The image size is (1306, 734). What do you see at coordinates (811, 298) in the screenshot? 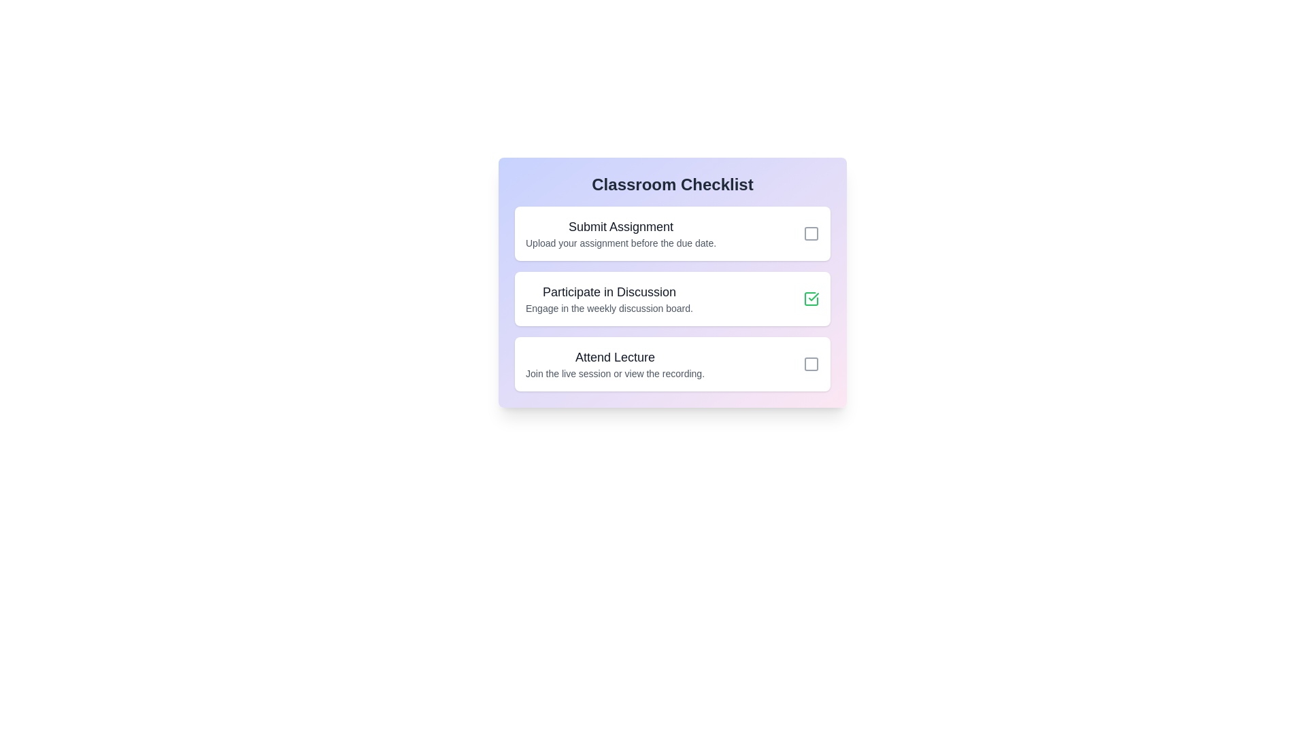
I see `the checkbox with a green border and checkmark located within the 'Participate in Discussion' card` at bounding box center [811, 298].